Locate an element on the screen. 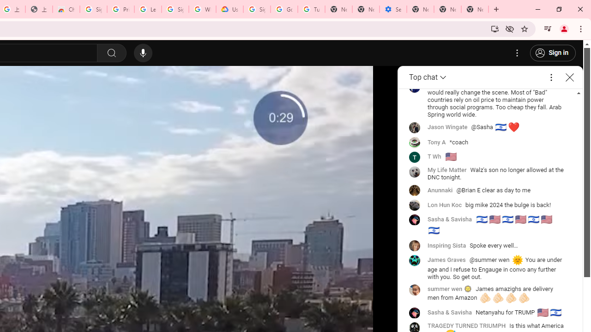 The height and width of the screenshot is (332, 591). 'Who are Google' is located at coordinates (202, 9).